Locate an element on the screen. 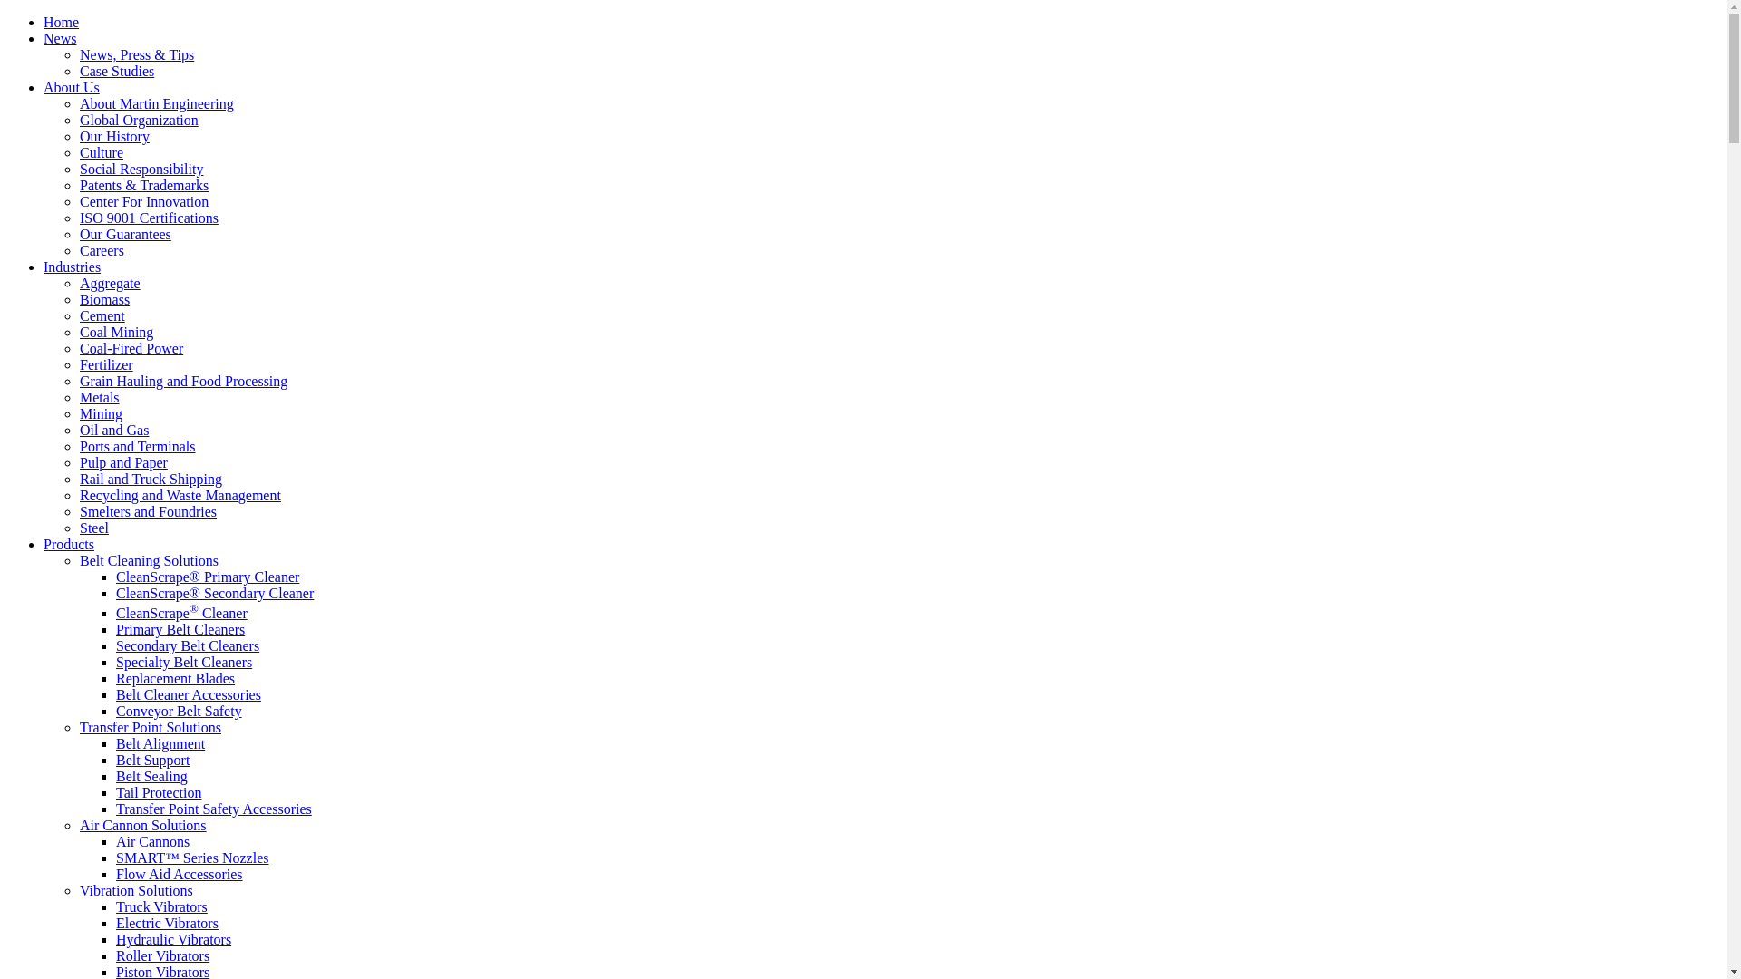  'Transfer Point Solutions' is located at coordinates (151, 726).